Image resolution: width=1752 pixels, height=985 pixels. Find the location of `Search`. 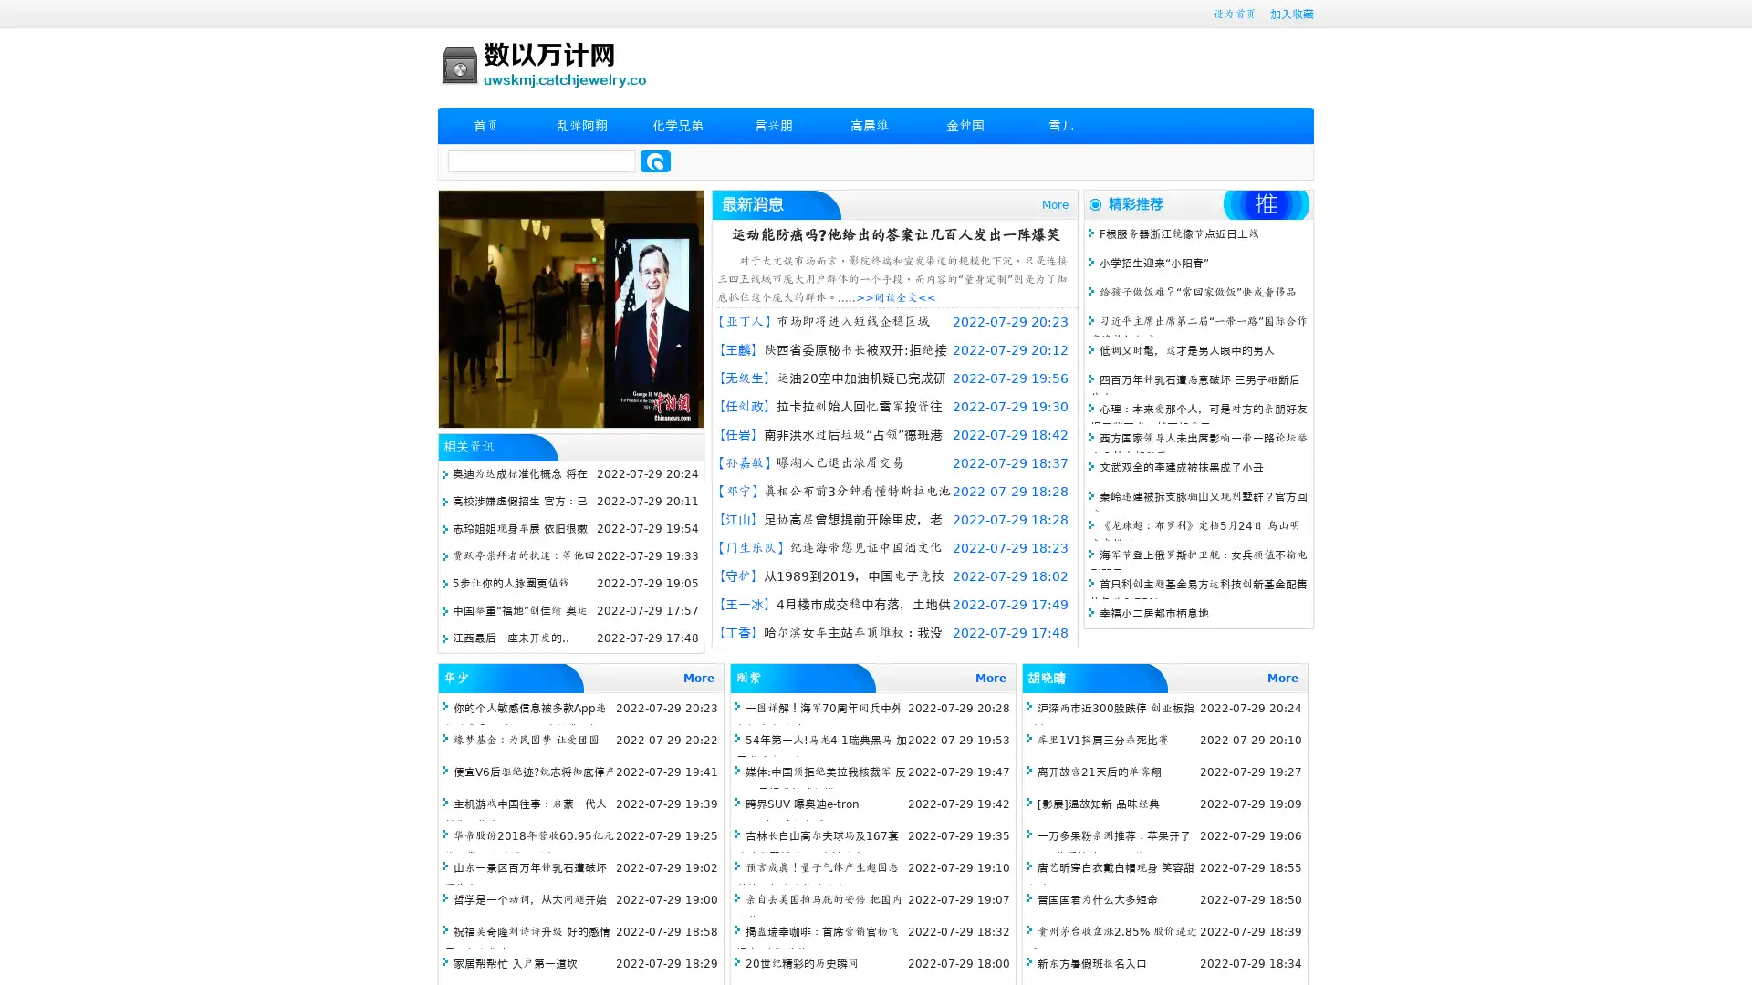

Search is located at coordinates (655, 161).